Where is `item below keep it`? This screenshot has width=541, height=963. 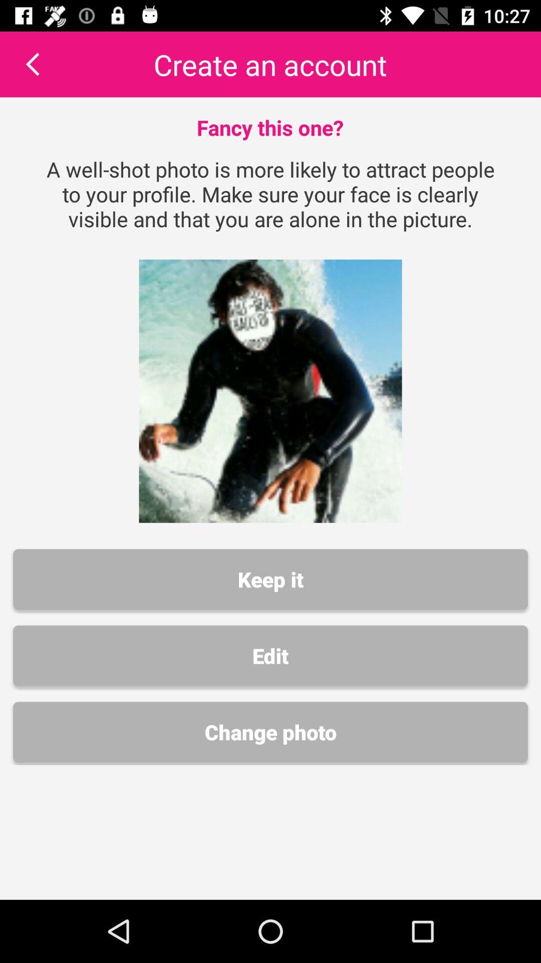 item below keep it is located at coordinates (270, 656).